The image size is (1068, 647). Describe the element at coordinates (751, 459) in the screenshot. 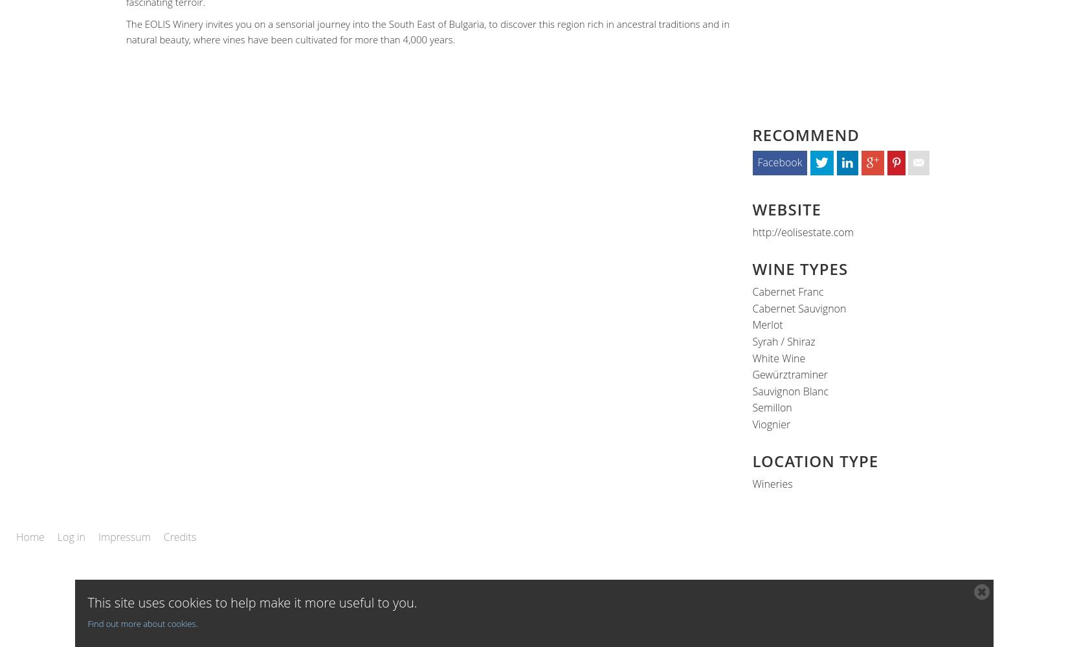

I see `'Location Type'` at that location.